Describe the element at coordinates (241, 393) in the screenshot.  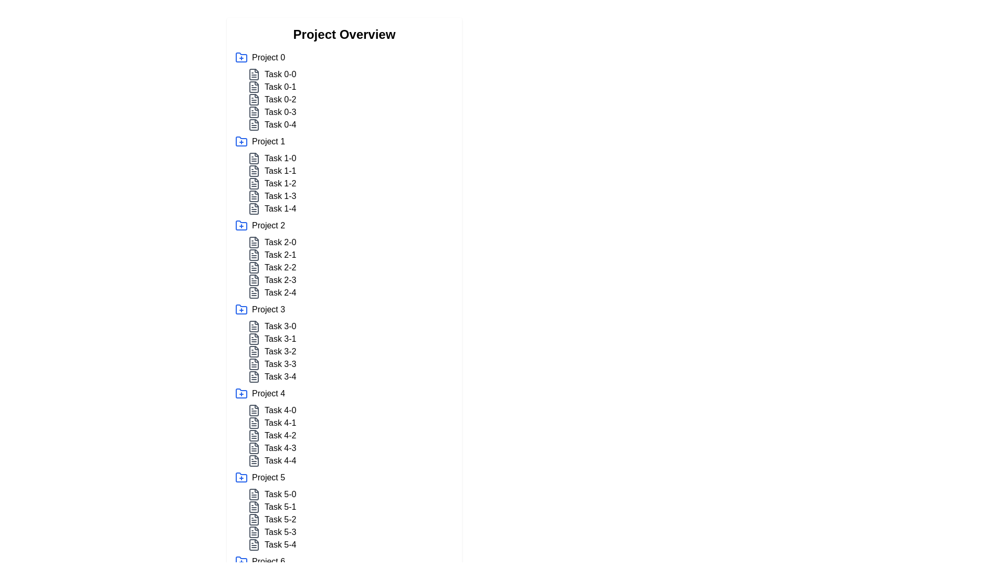
I see `the folder icon with a plus sign that visually represents 'Project 4', located to the left of the 'Project 4' label` at that location.